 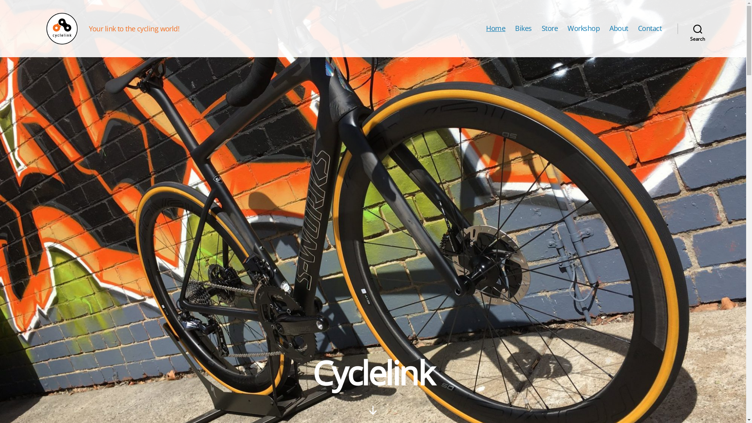 What do you see at coordinates (495, 28) in the screenshot?
I see `'Home'` at bounding box center [495, 28].